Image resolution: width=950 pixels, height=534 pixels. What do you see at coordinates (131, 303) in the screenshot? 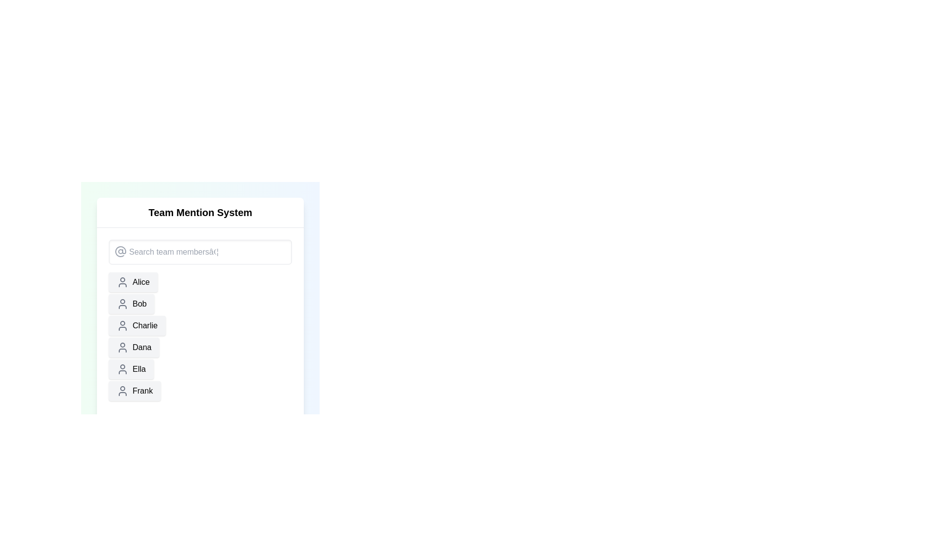
I see `the user card for 'Bob' in the Team Mention System` at bounding box center [131, 303].